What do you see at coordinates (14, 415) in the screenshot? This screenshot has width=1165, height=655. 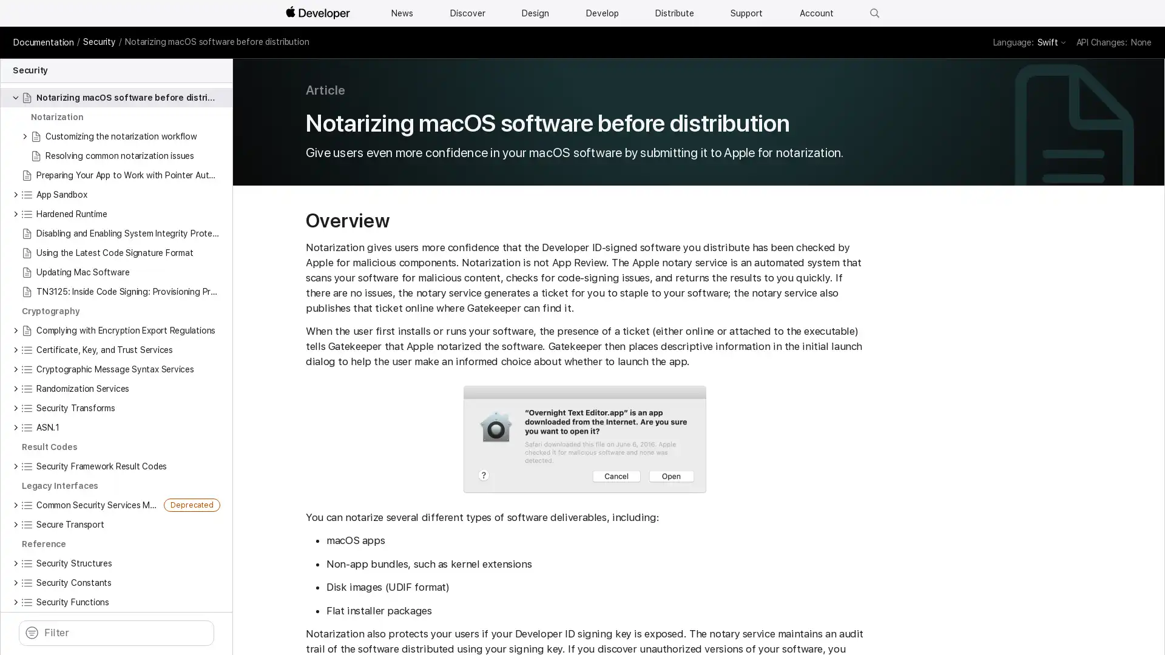 I see `Security Transforms` at bounding box center [14, 415].